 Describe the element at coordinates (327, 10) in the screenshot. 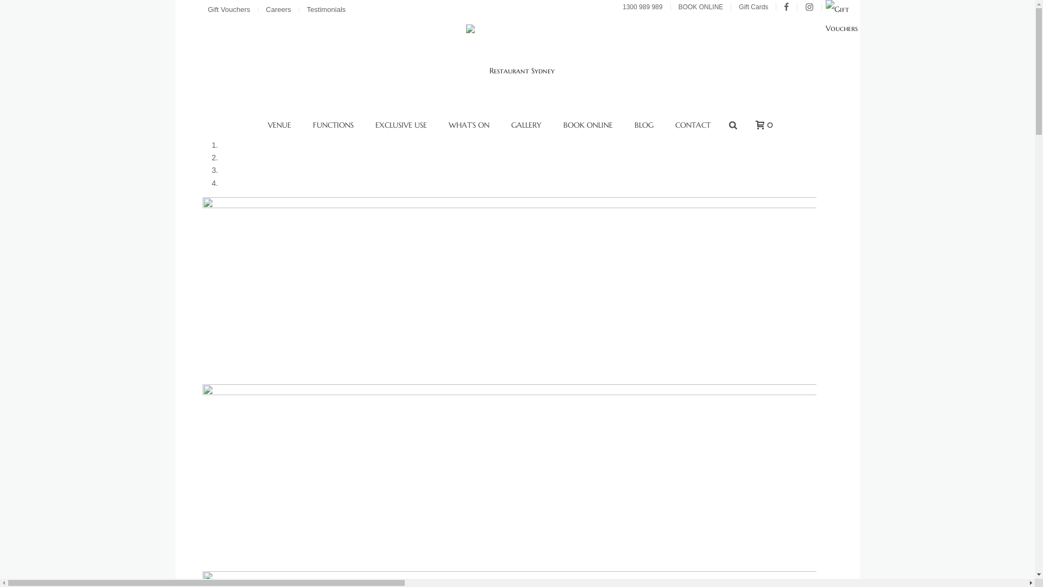

I see `'Testimonials'` at that location.